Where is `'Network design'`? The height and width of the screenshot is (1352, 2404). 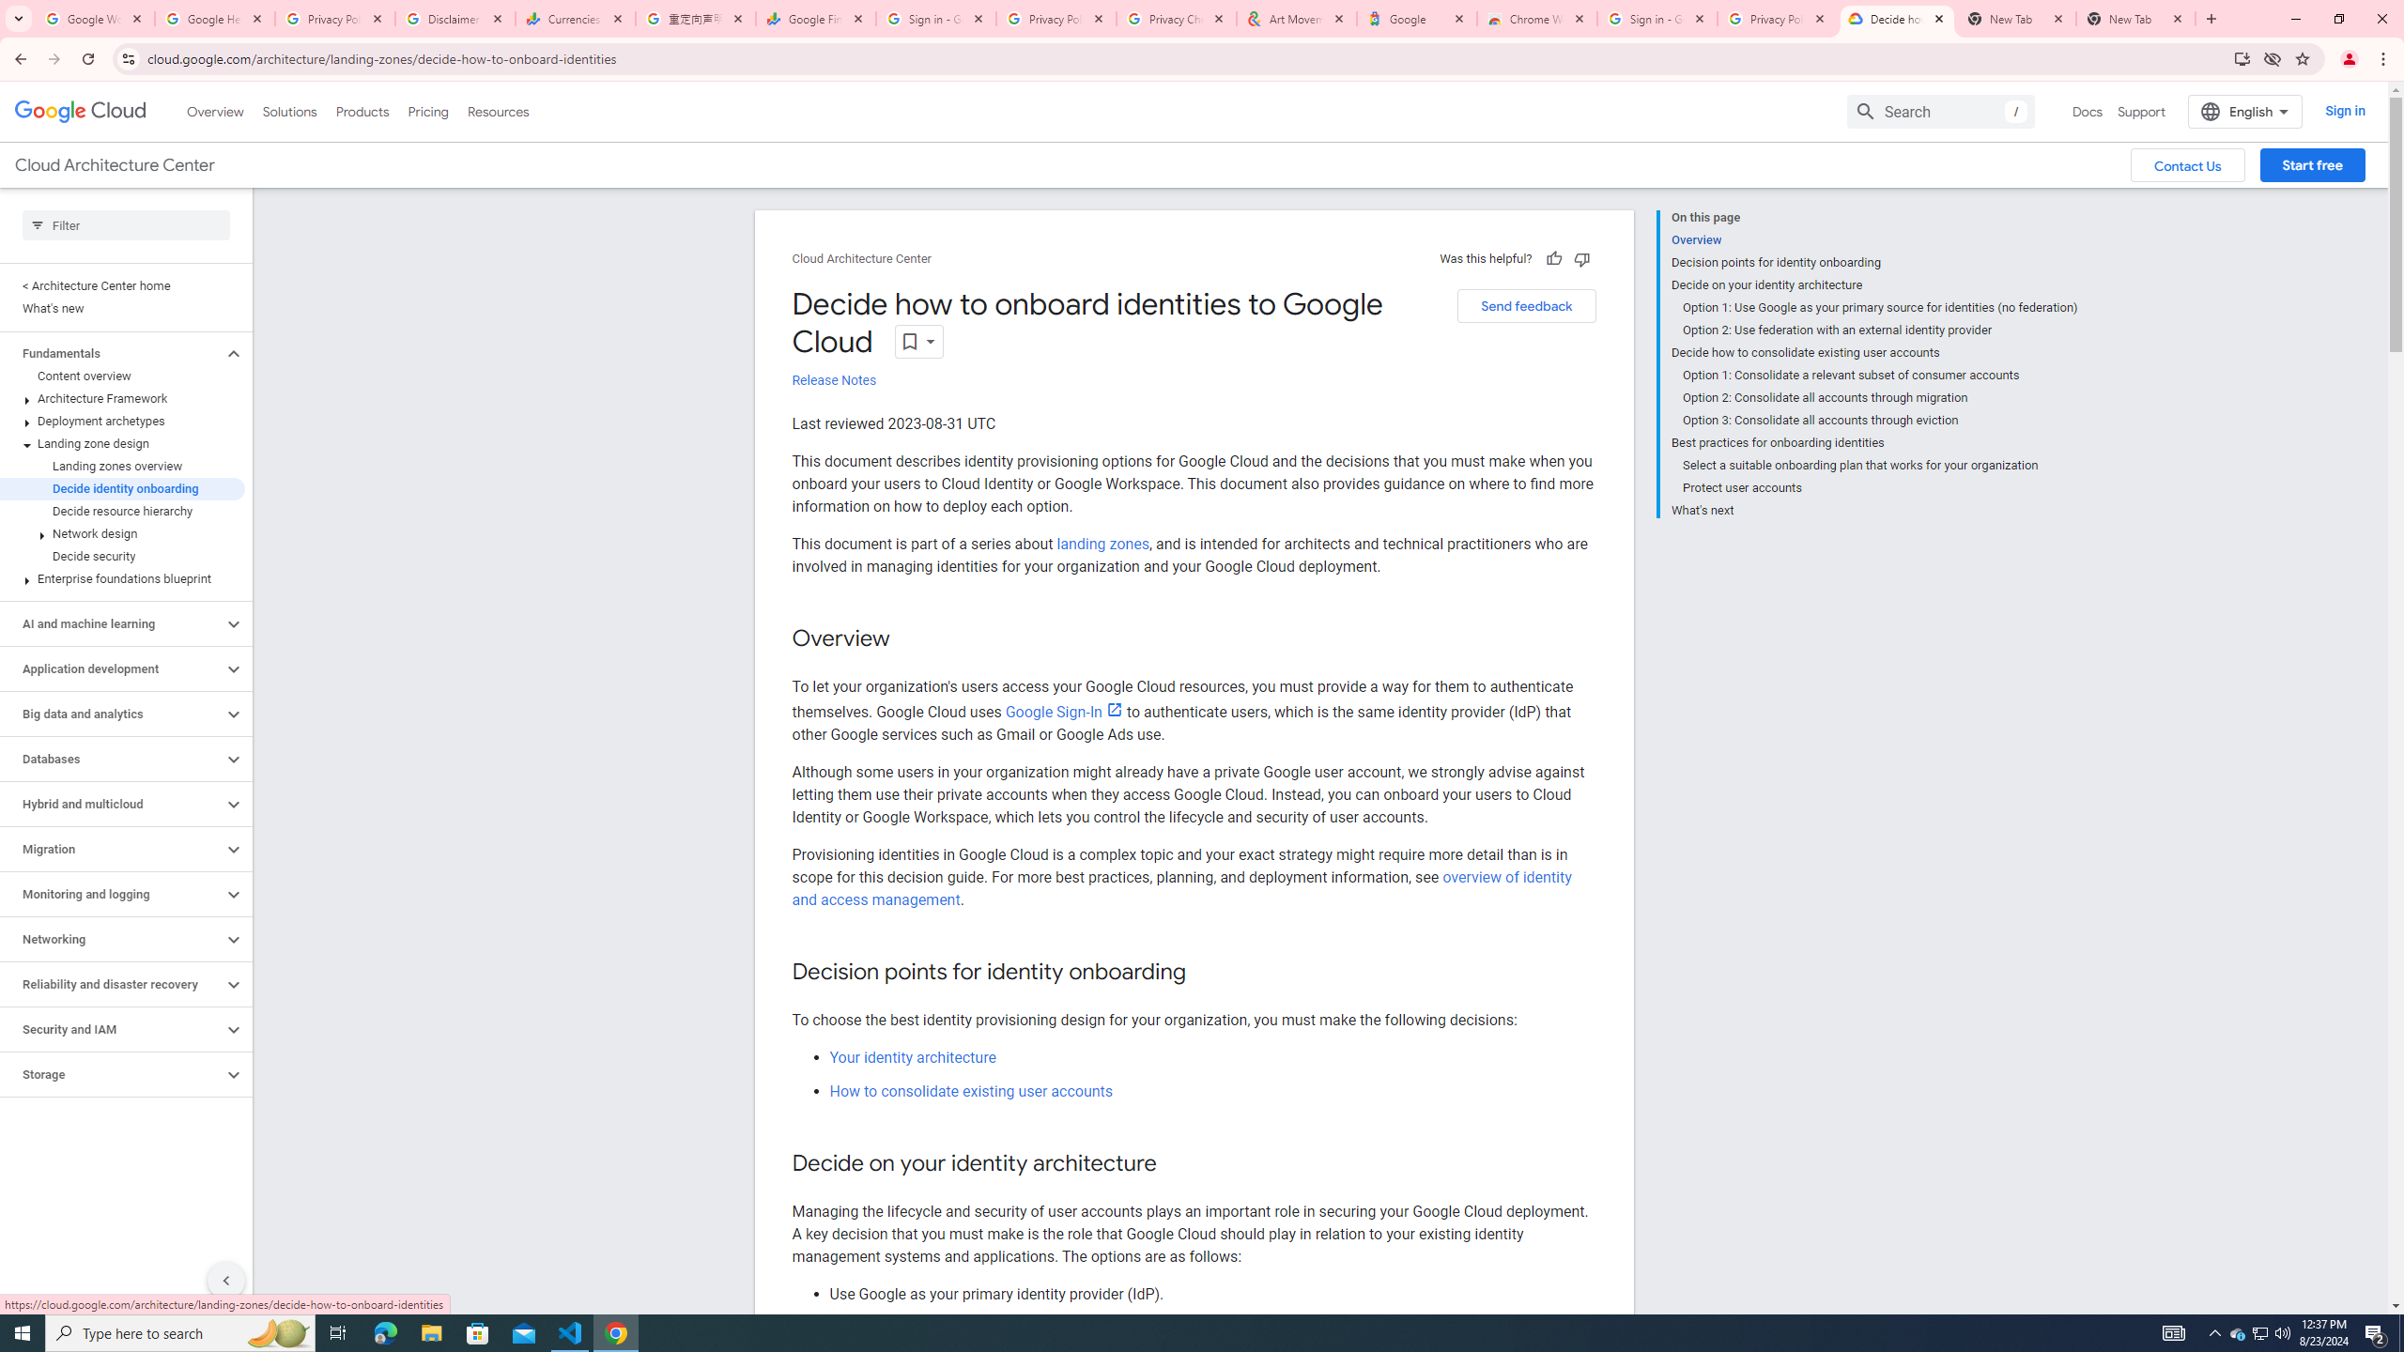
'Network design' is located at coordinates (122, 532).